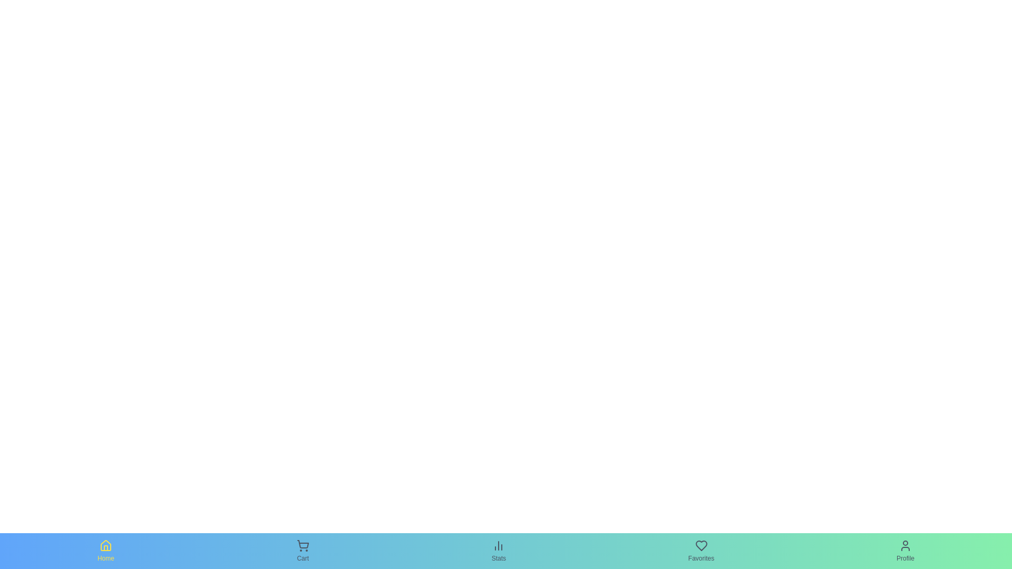 The width and height of the screenshot is (1012, 569). What do you see at coordinates (498, 550) in the screenshot?
I see `the Stats tab to observe its hover effect` at bounding box center [498, 550].